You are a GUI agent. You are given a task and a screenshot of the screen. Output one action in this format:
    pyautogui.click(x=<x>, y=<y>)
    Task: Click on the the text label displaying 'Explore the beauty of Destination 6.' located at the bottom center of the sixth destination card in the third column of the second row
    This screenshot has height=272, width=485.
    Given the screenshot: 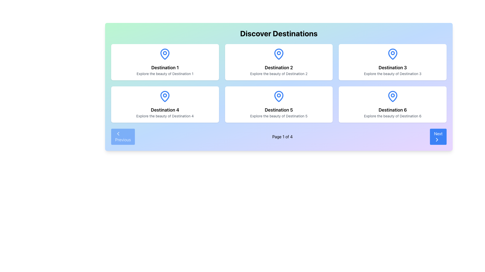 What is the action you would take?
    pyautogui.click(x=392, y=116)
    